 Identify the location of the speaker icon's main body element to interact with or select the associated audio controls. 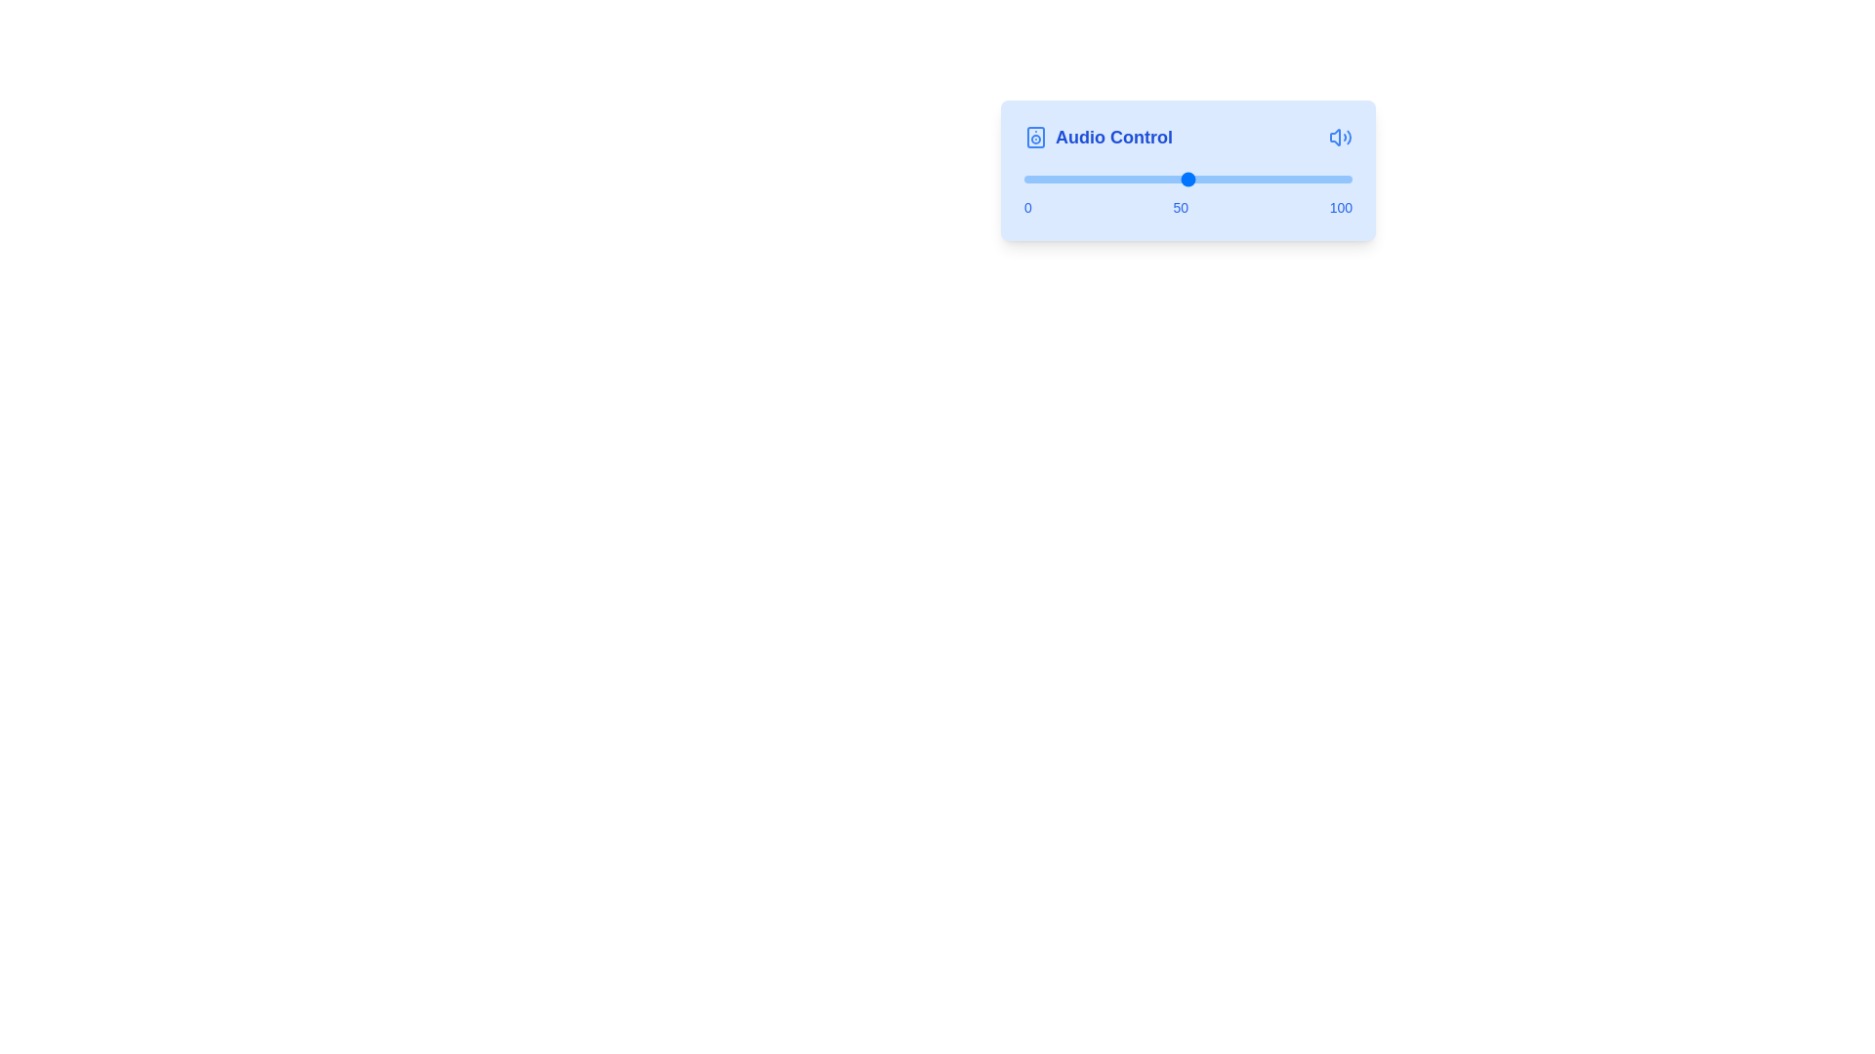
(1034, 137).